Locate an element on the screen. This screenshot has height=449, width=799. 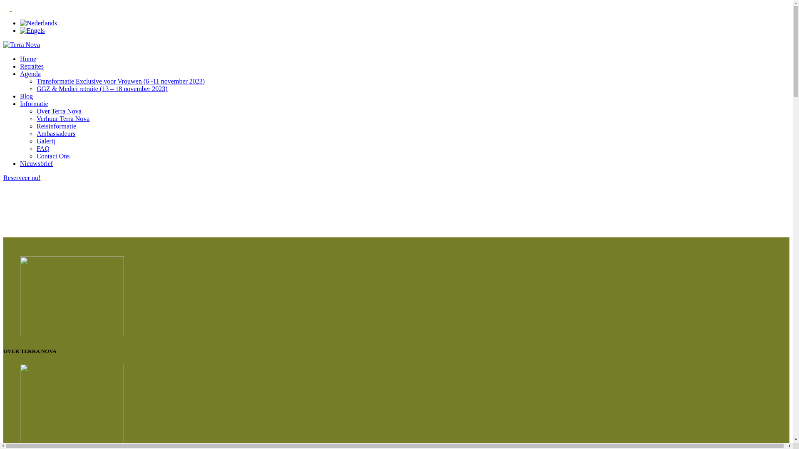
'Over-terra-Nova1' is located at coordinates (72, 296).